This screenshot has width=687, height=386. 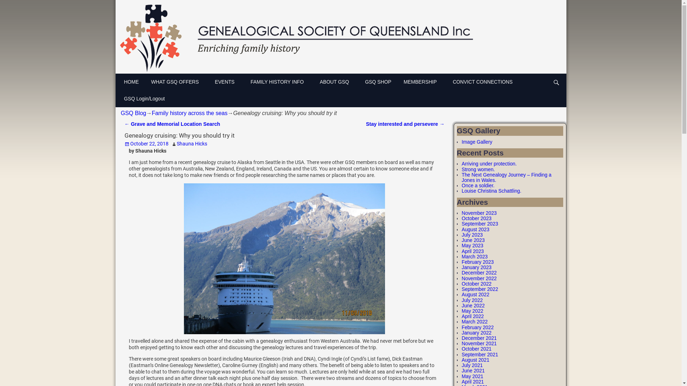 What do you see at coordinates (146, 143) in the screenshot?
I see `'October 22, 2018'` at bounding box center [146, 143].